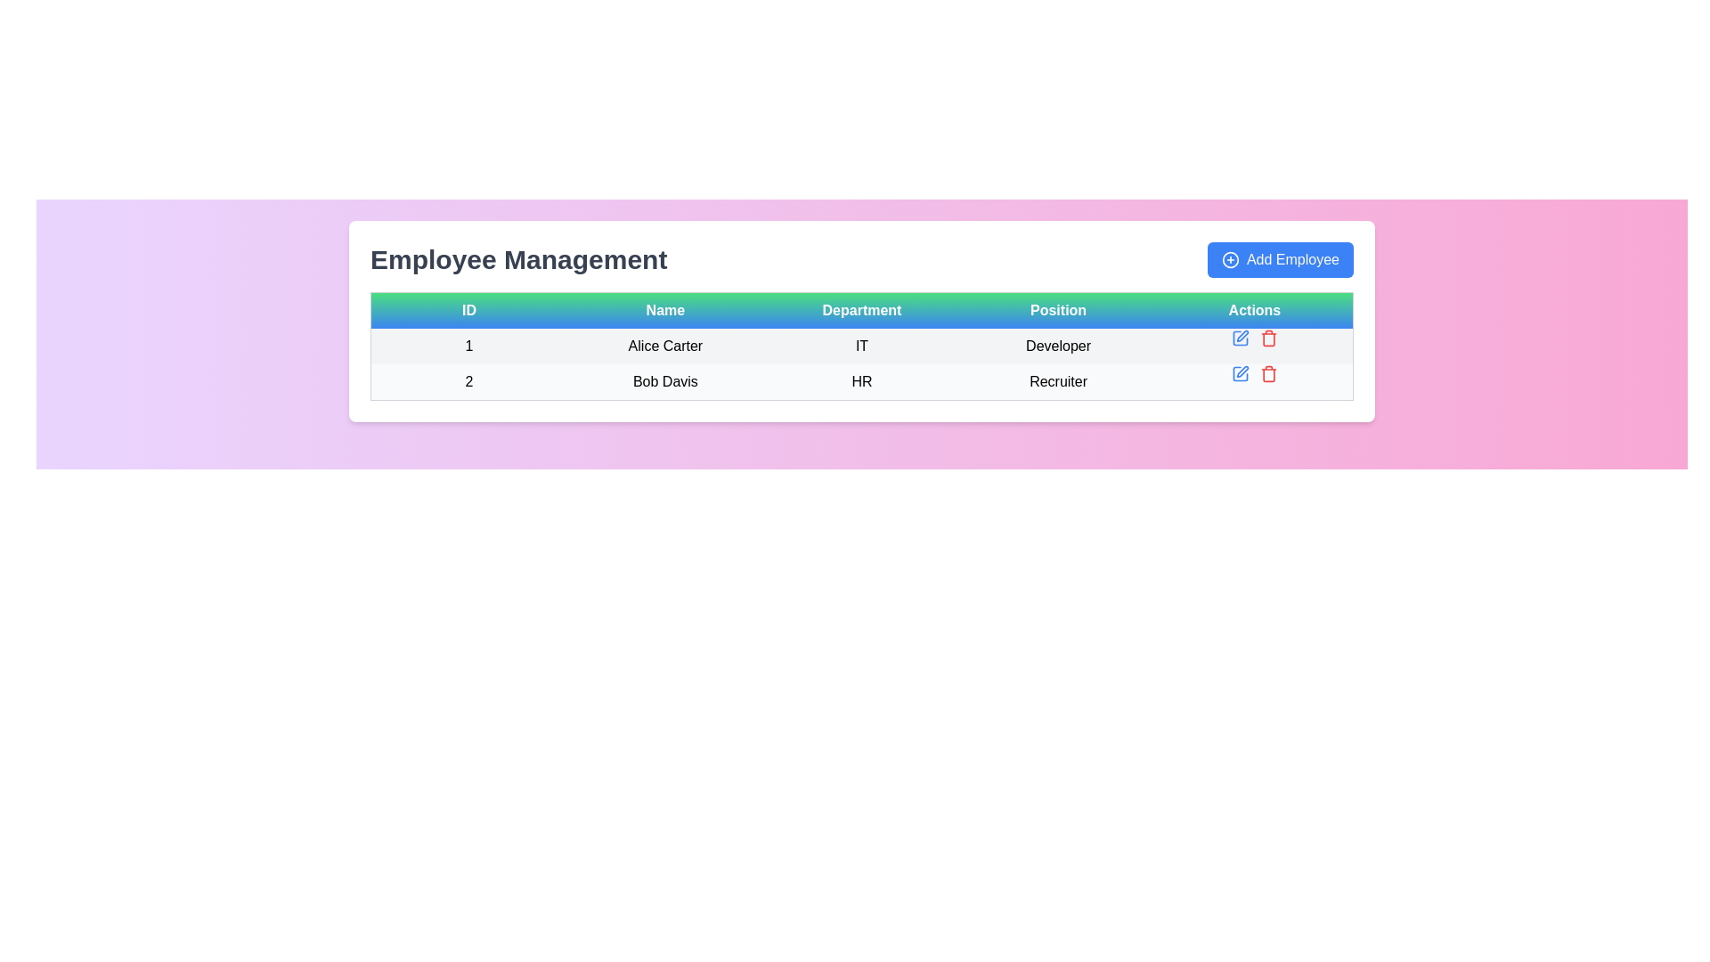 This screenshot has height=962, width=1710. I want to click on the text 'IT' in bold black font, which is located in the third column labeled 'Department' of the row for 'Alice Carter' in the Employee Management table, so click(862, 346).